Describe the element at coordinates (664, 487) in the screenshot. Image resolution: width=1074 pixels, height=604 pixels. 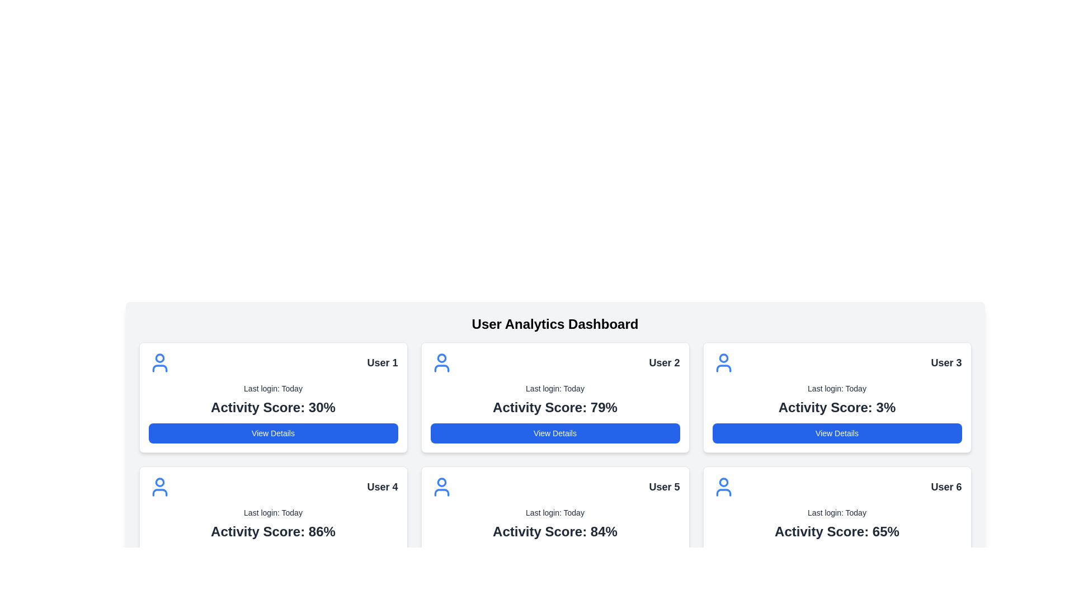
I see `text content of the 'User 5' label located in the bottom row, second card from the left on the user analytics dashboard` at that location.